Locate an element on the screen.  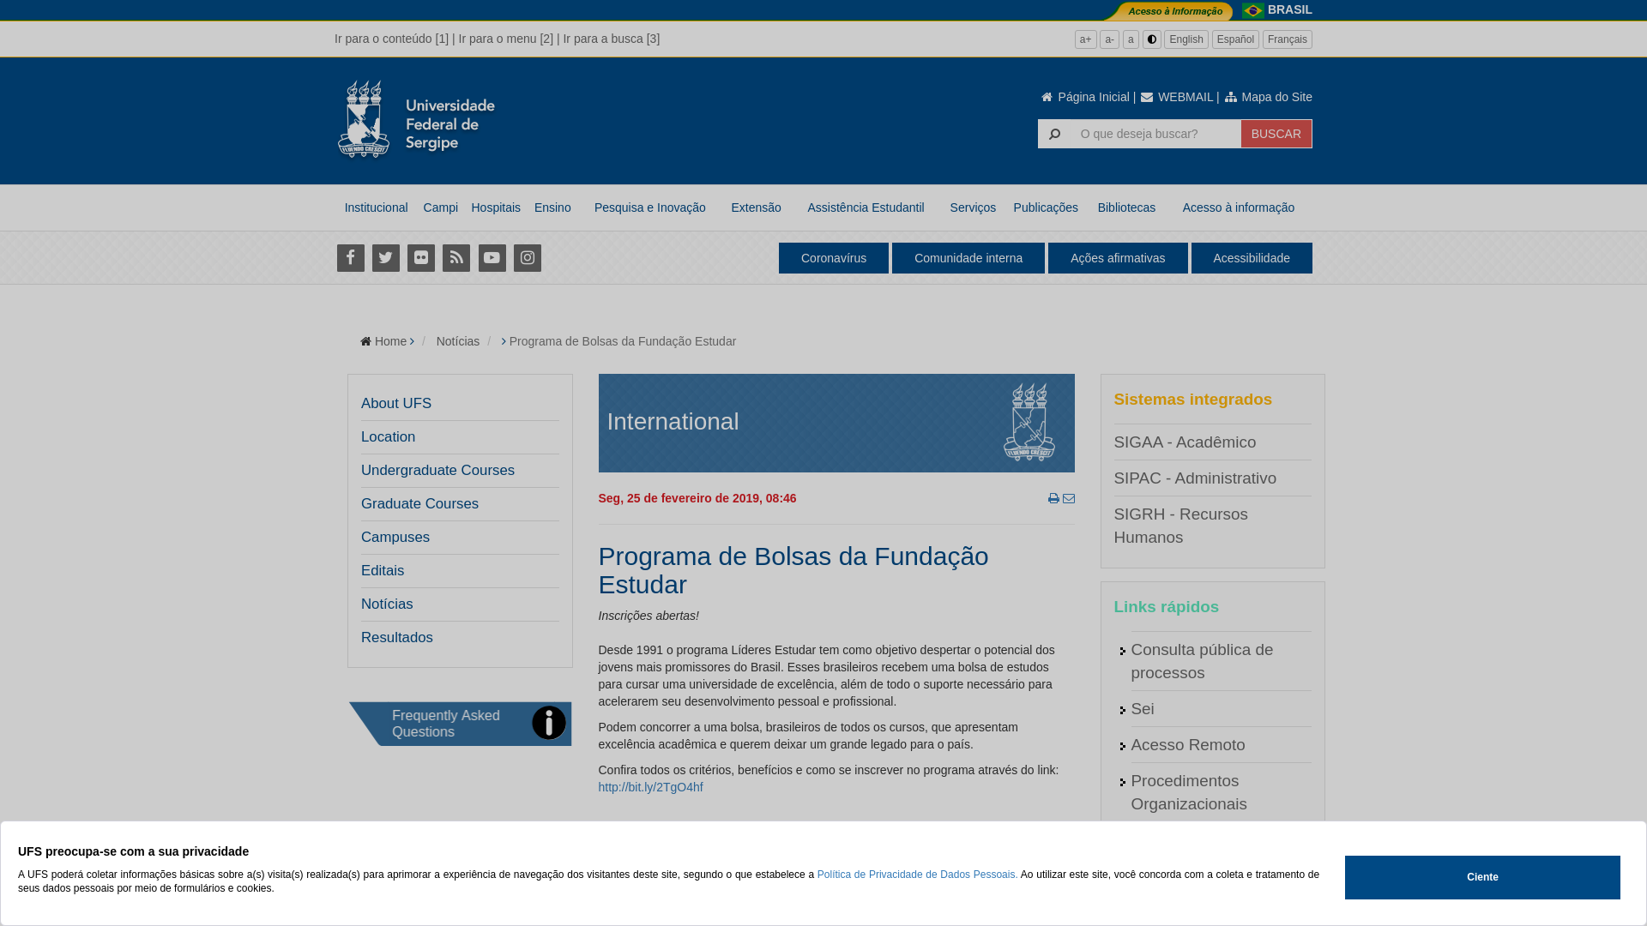
'WEBMAIL' is located at coordinates (1175, 96).